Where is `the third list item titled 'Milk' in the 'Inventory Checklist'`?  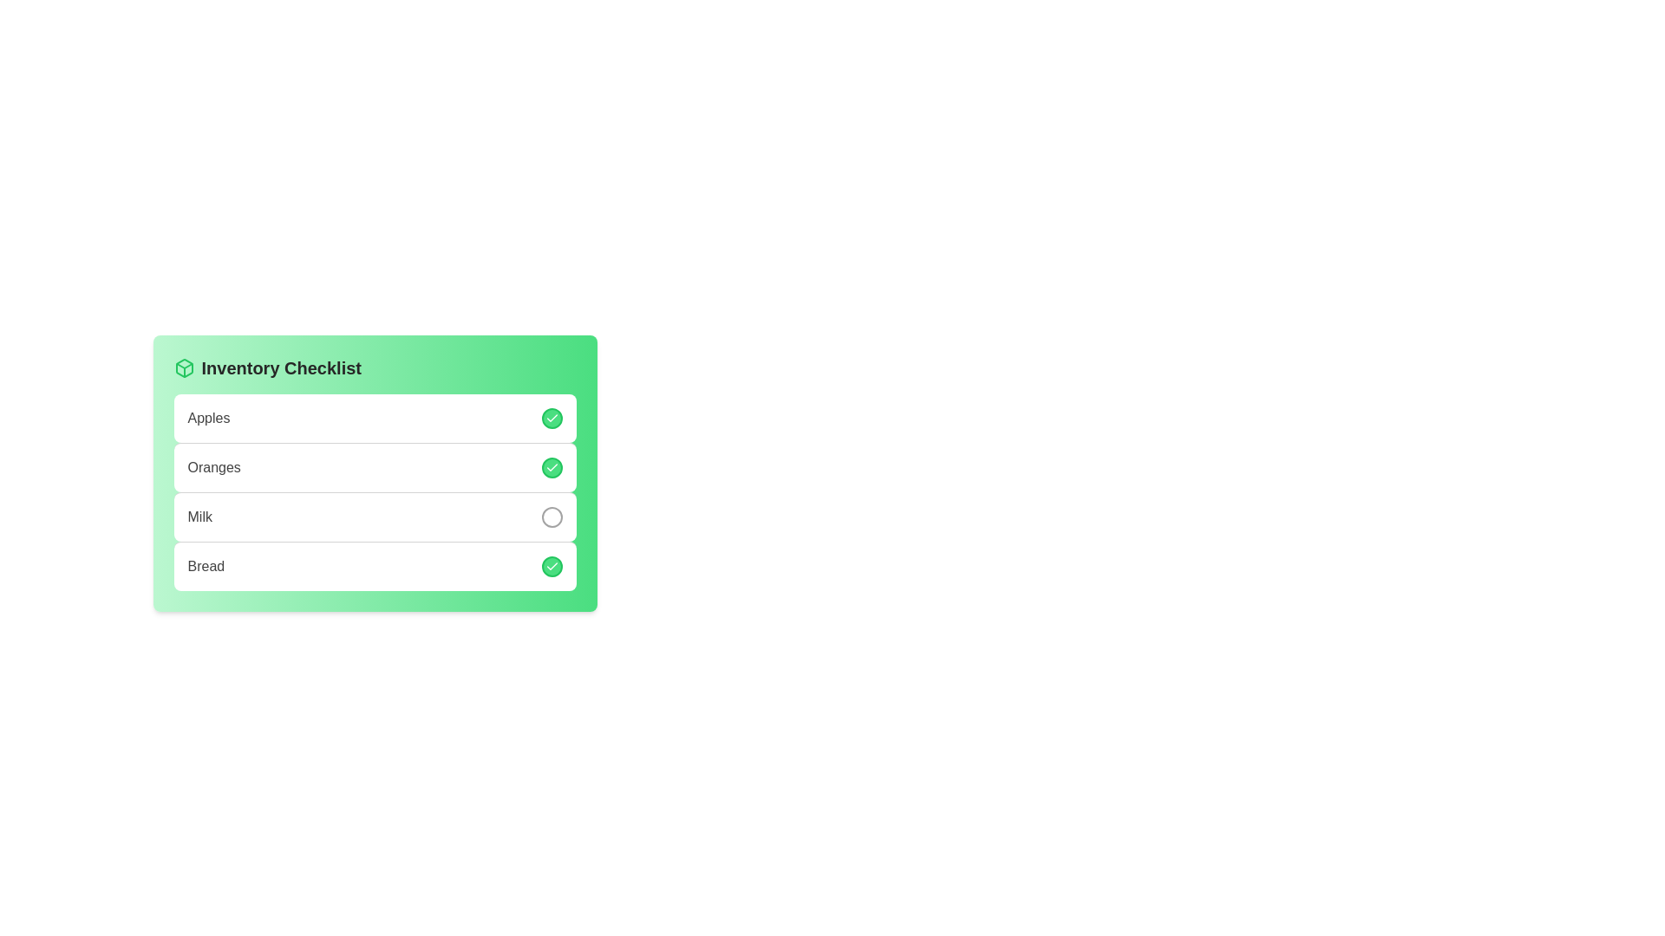 the third list item titled 'Milk' in the 'Inventory Checklist' is located at coordinates (374, 516).